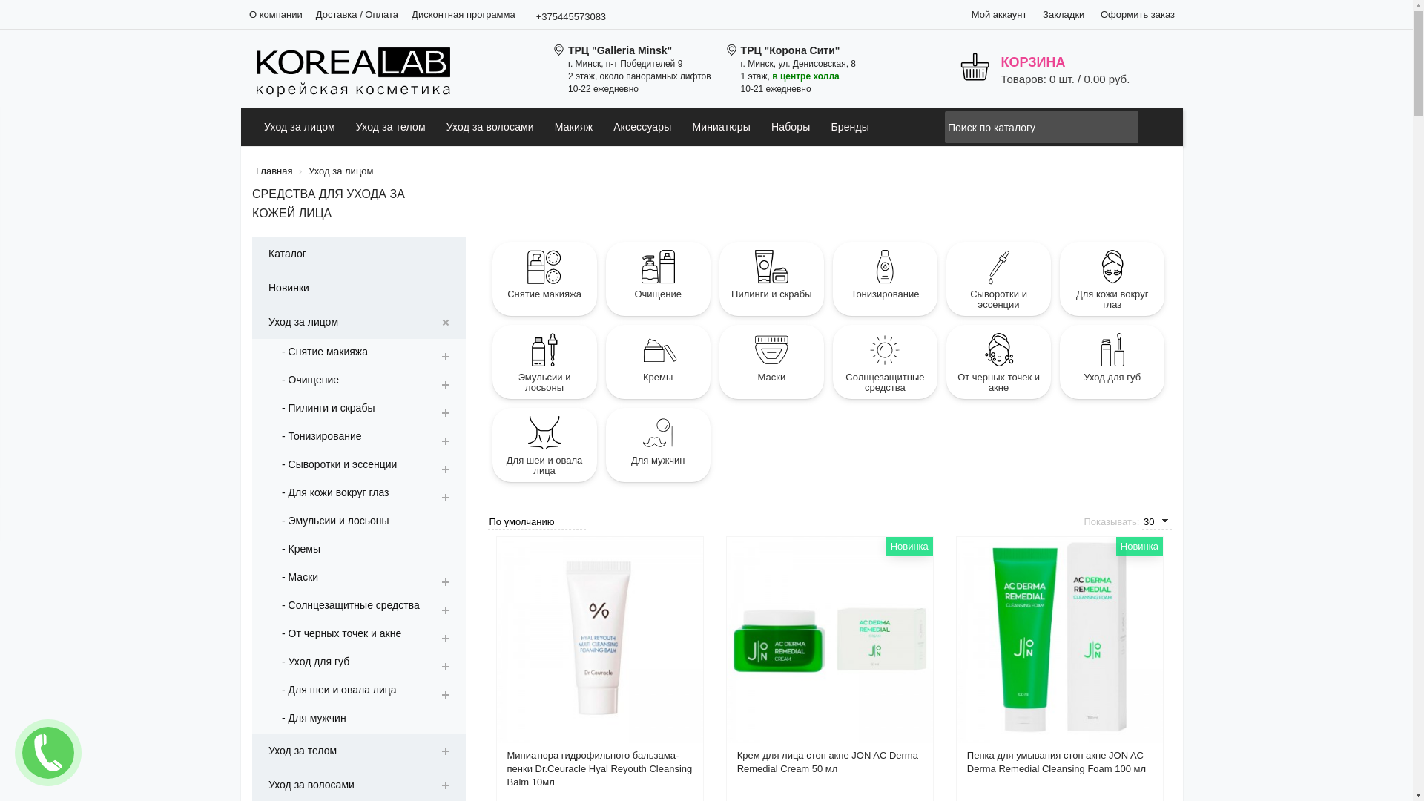 The image size is (1424, 801). Describe the element at coordinates (574, 17) in the screenshot. I see `'+375445573083'` at that location.